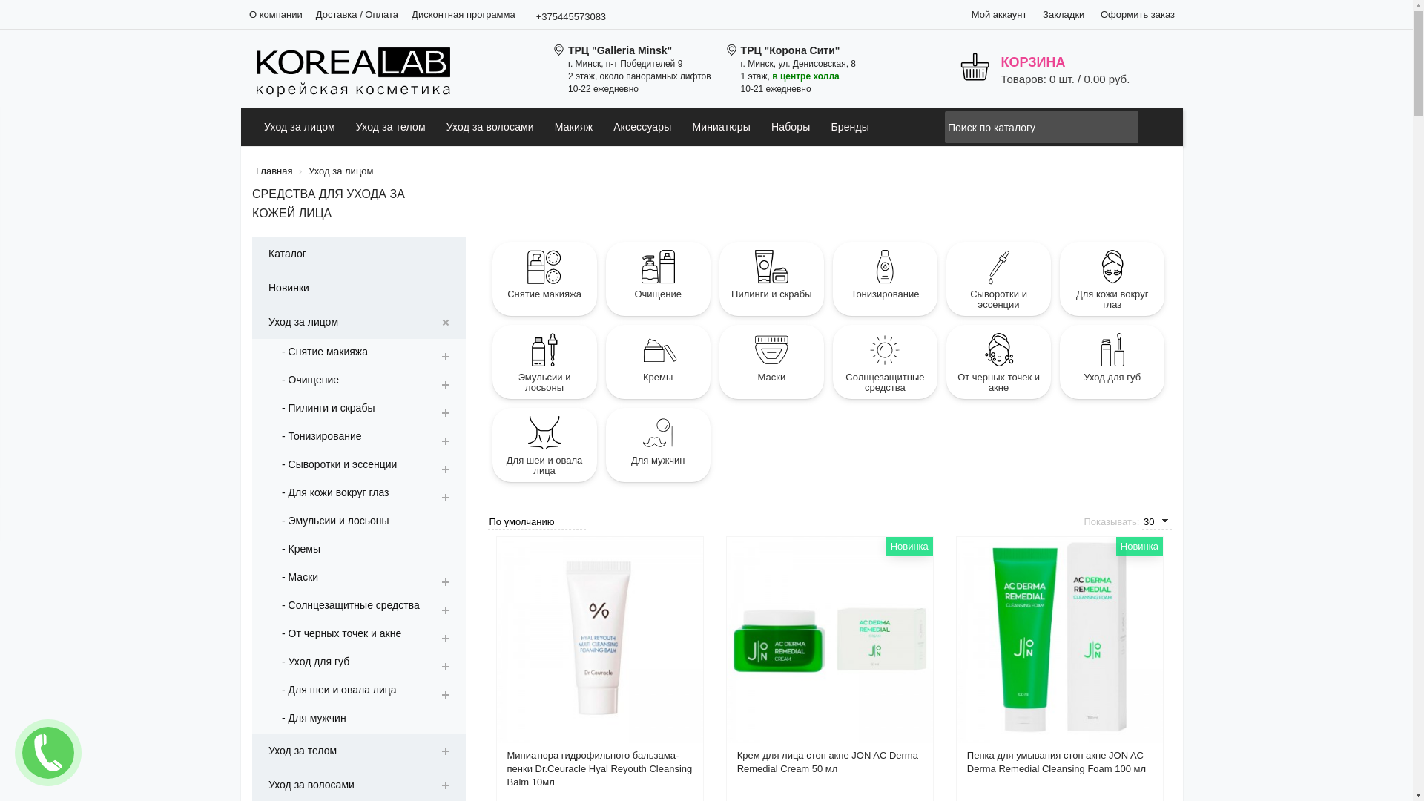 The image size is (1424, 801). Describe the element at coordinates (574, 17) in the screenshot. I see `'+375445573083'` at that location.